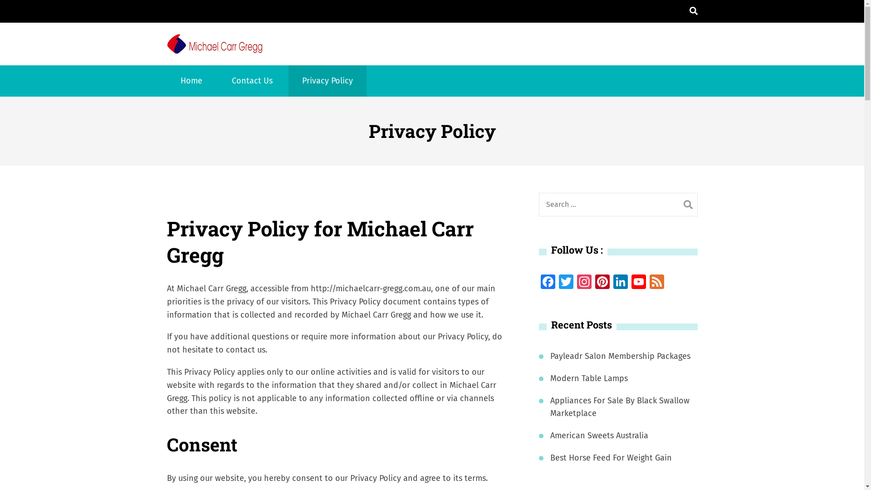  What do you see at coordinates (584, 282) in the screenshot?
I see `'Instagram'` at bounding box center [584, 282].